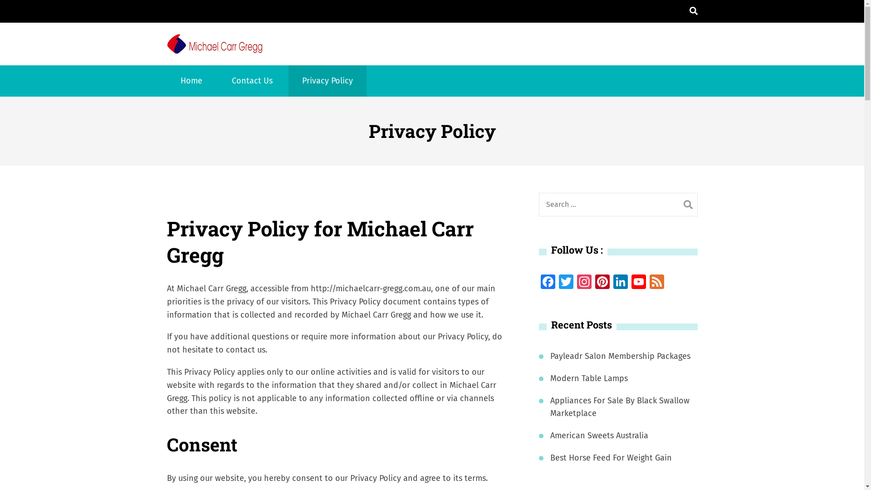  What do you see at coordinates (584, 282) in the screenshot?
I see `'Instagram'` at bounding box center [584, 282].